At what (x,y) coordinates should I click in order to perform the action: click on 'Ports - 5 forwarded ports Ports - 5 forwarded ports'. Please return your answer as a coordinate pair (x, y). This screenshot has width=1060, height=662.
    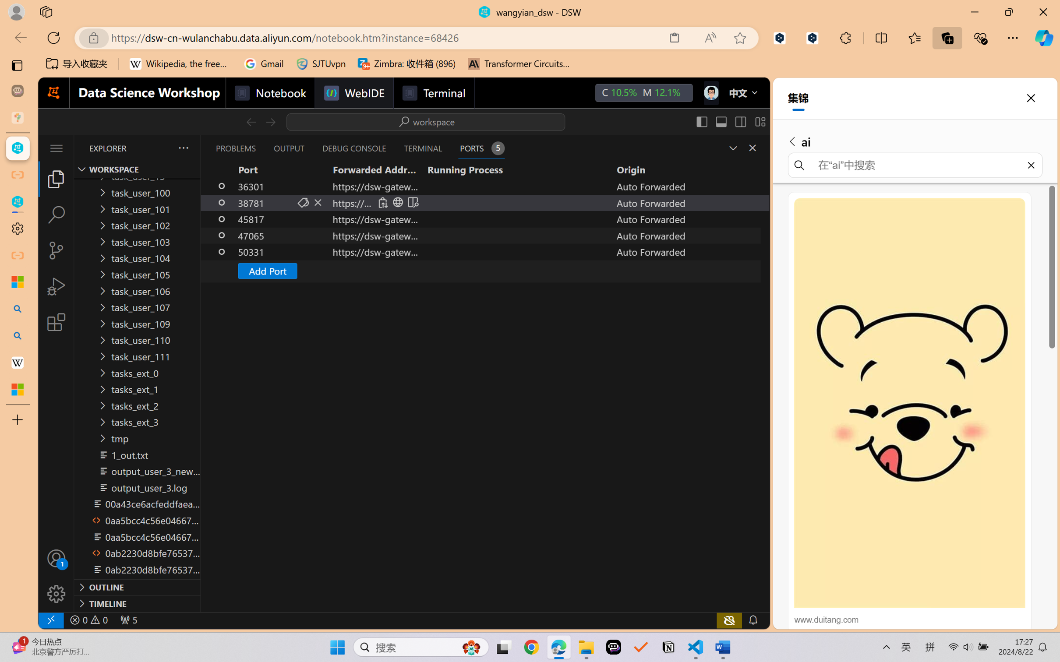
    Looking at the image, I should click on (481, 148).